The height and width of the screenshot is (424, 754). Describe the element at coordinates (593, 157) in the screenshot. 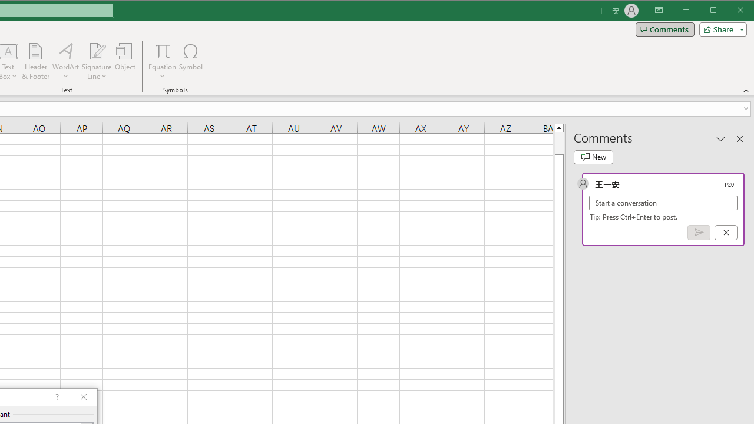

I see `'New comment'` at that location.